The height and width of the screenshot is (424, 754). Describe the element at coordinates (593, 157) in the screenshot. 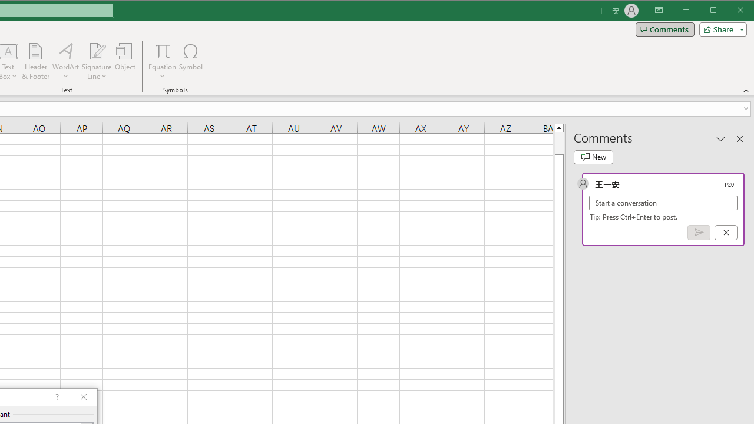

I see `'New comment'` at that location.